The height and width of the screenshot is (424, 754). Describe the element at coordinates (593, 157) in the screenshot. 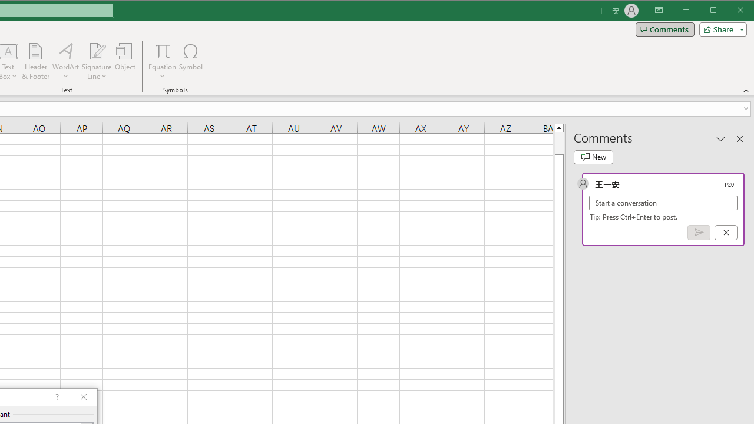

I see `'New comment'` at that location.